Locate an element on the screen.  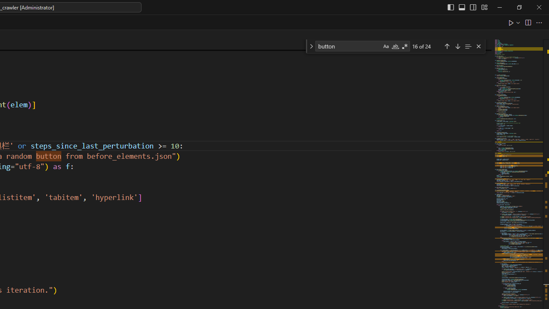
'Title actions' is located at coordinates (467, 7).